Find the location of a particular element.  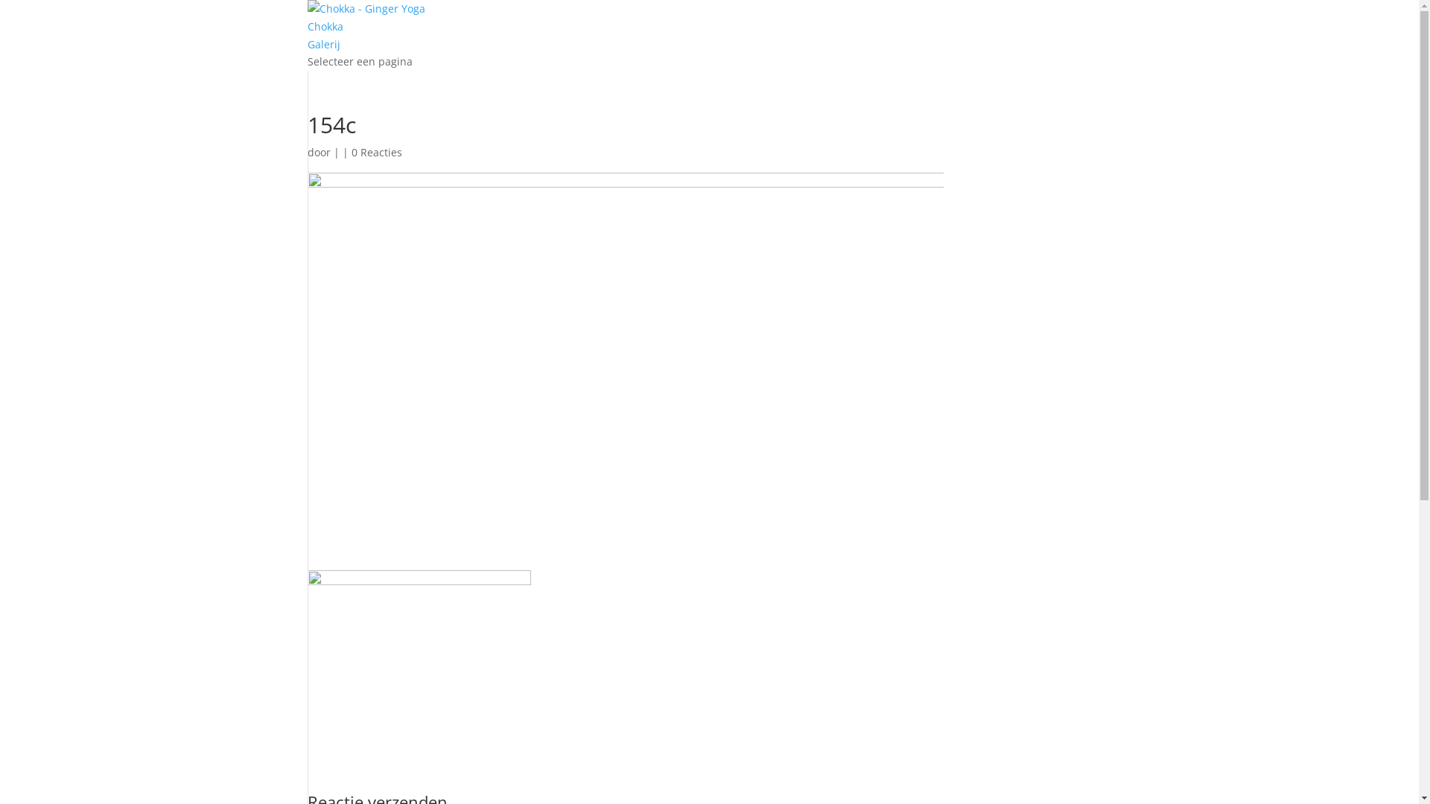

'Galerij' is located at coordinates (322, 43).